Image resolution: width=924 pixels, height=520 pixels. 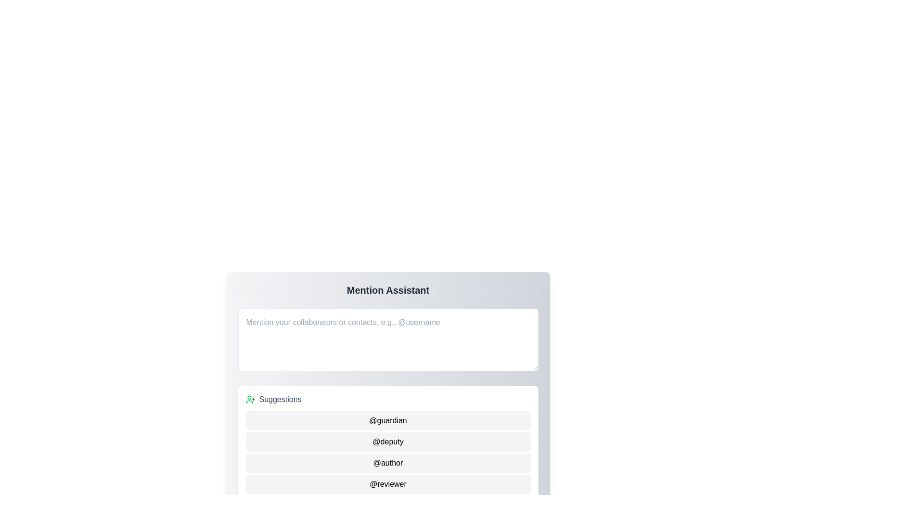 I want to click on the text label indicating user suggestions, located to the right of a green user icon, for accessibility navigation, so click(x=280, y=399).